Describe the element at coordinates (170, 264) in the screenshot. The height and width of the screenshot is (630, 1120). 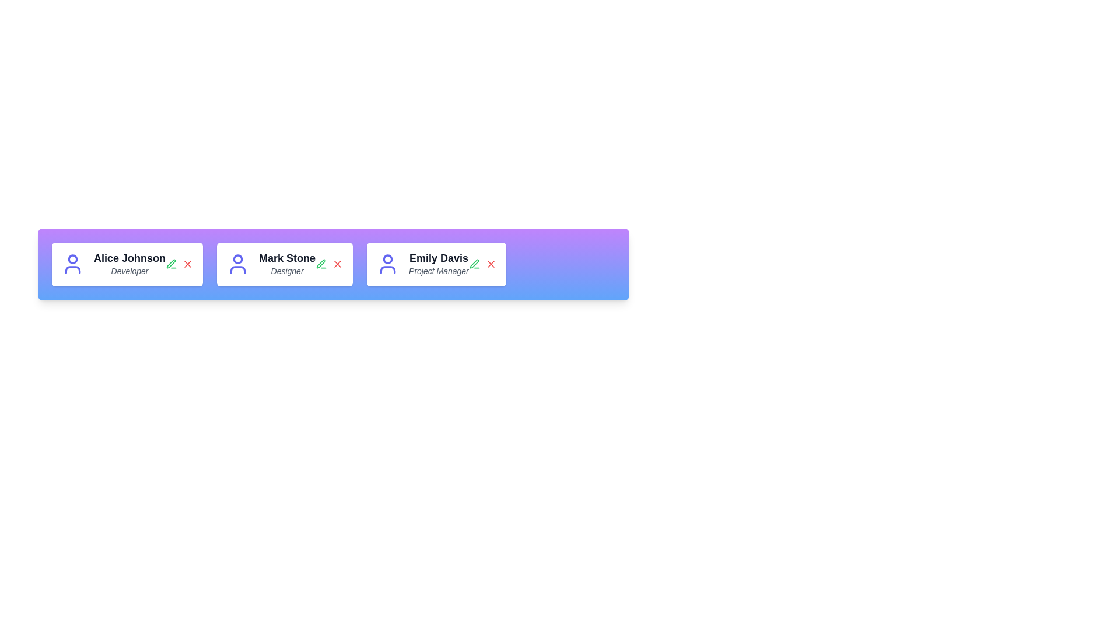
I see `edit icon for the profile card of Alice Johnson` at that location.